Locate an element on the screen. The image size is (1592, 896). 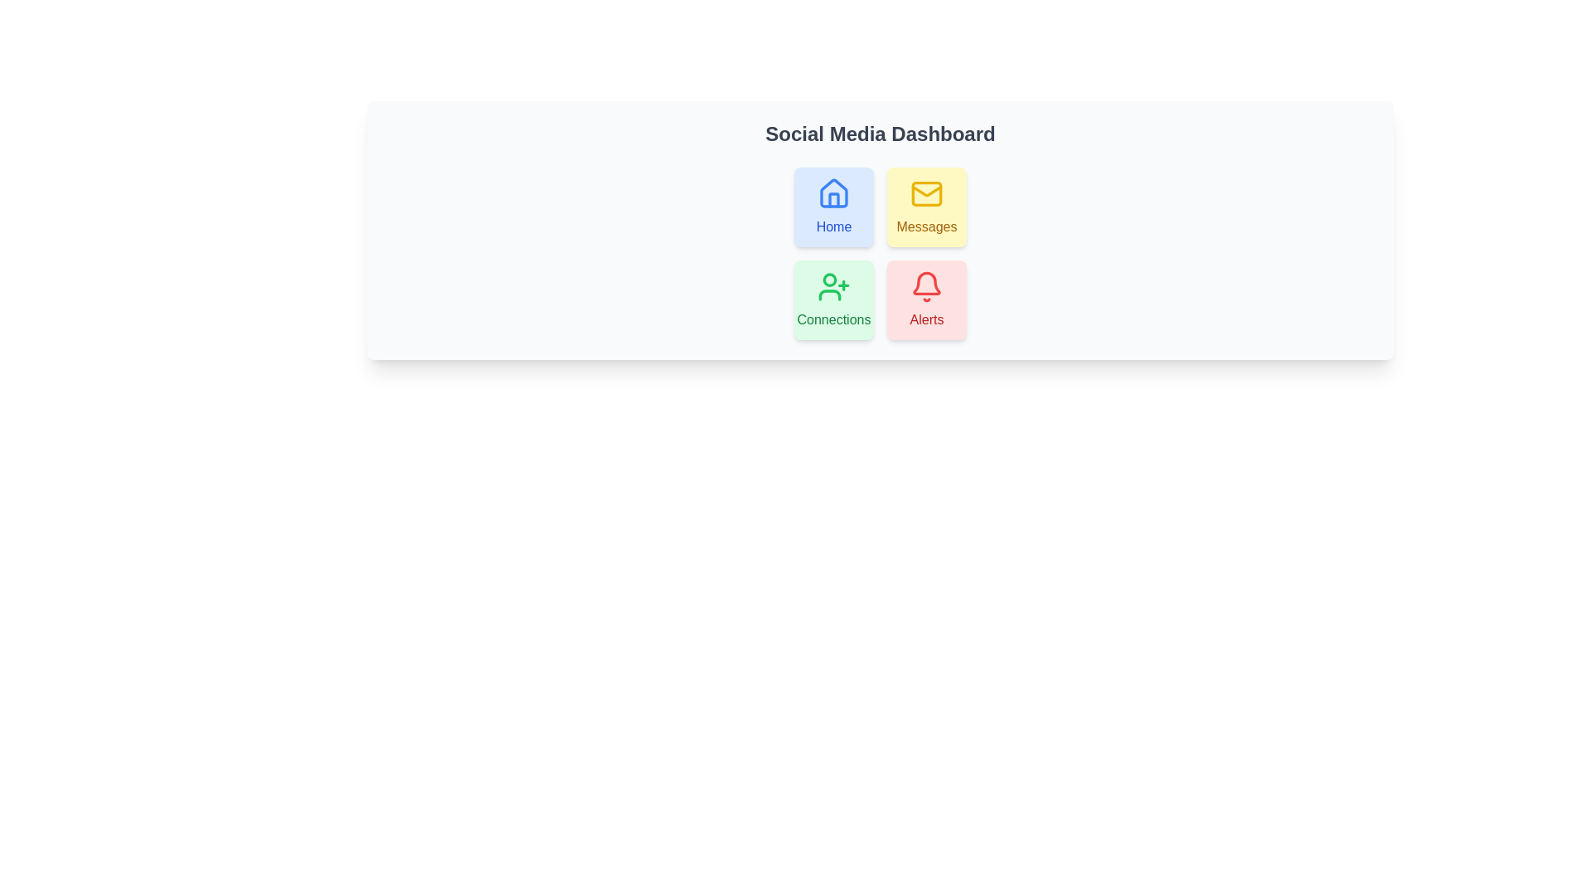
the 'Home' button, which is represented by a house-shaped icon in the top-left of the Social Media Dashboard is located at coordinates (834, 199).